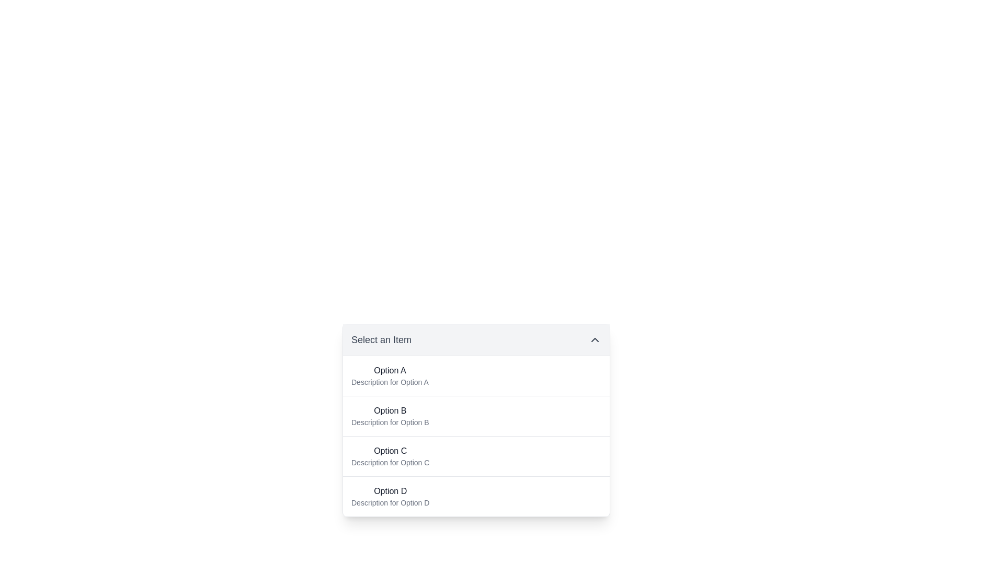 The width and height of the screenshot is (1004, 564). I want to click on the description text labeled 'Description for Option C', which is styled in small gray font and located below the 'Option C' label in the options dropdown menu, so click(390, 462).